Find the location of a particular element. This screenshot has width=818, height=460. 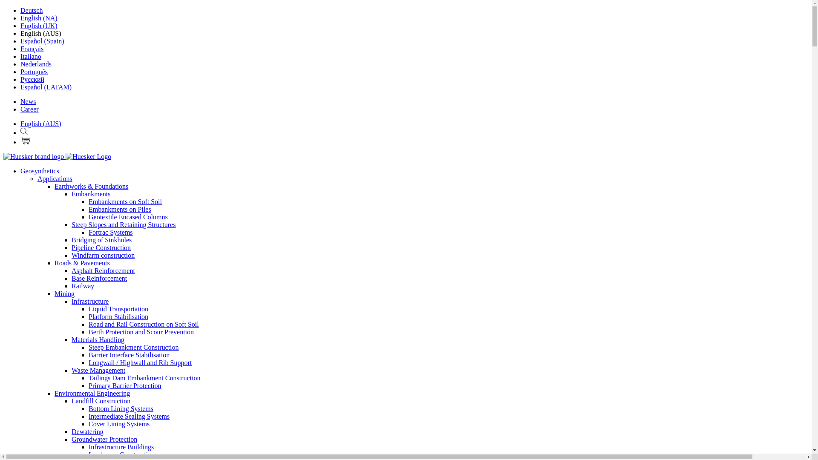

'Intermediate Sealing Systems' is located at coordinates (128, 416).